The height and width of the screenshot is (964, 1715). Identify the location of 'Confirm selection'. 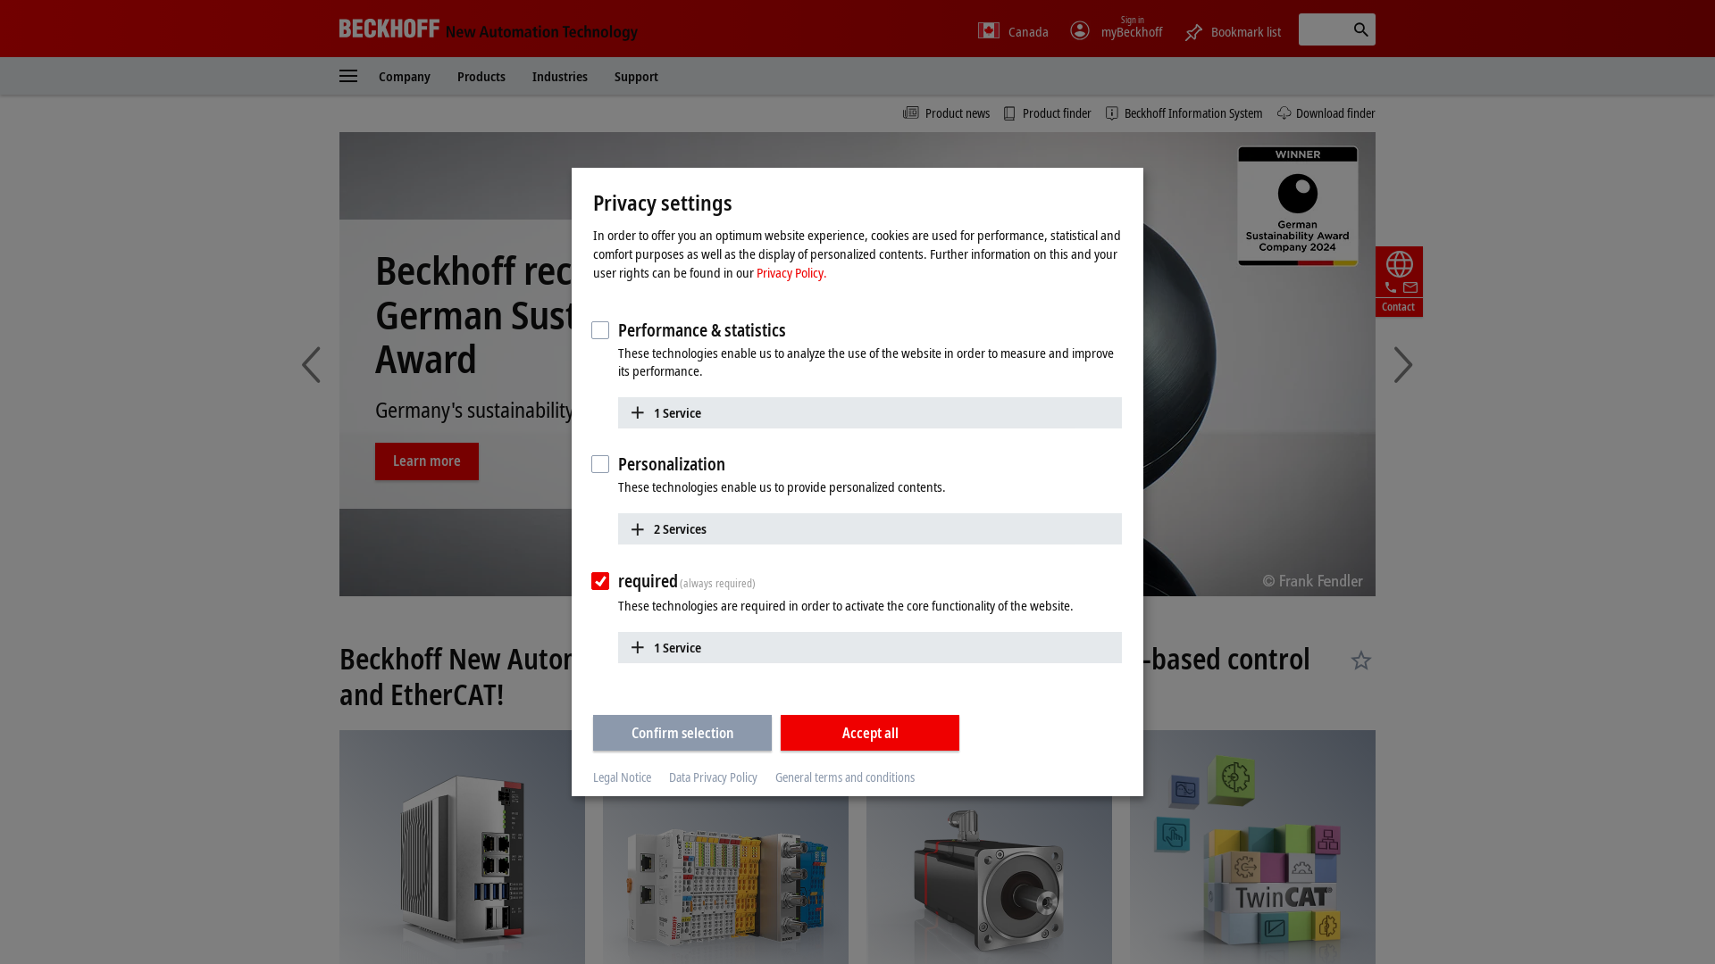
(681, 732).